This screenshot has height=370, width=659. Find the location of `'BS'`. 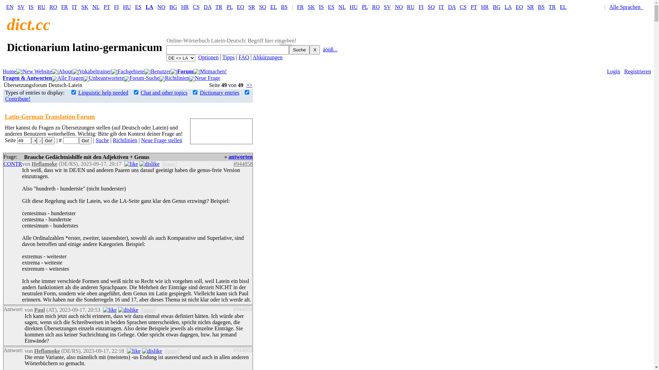

'BS' is located at coordinates (280, 7).